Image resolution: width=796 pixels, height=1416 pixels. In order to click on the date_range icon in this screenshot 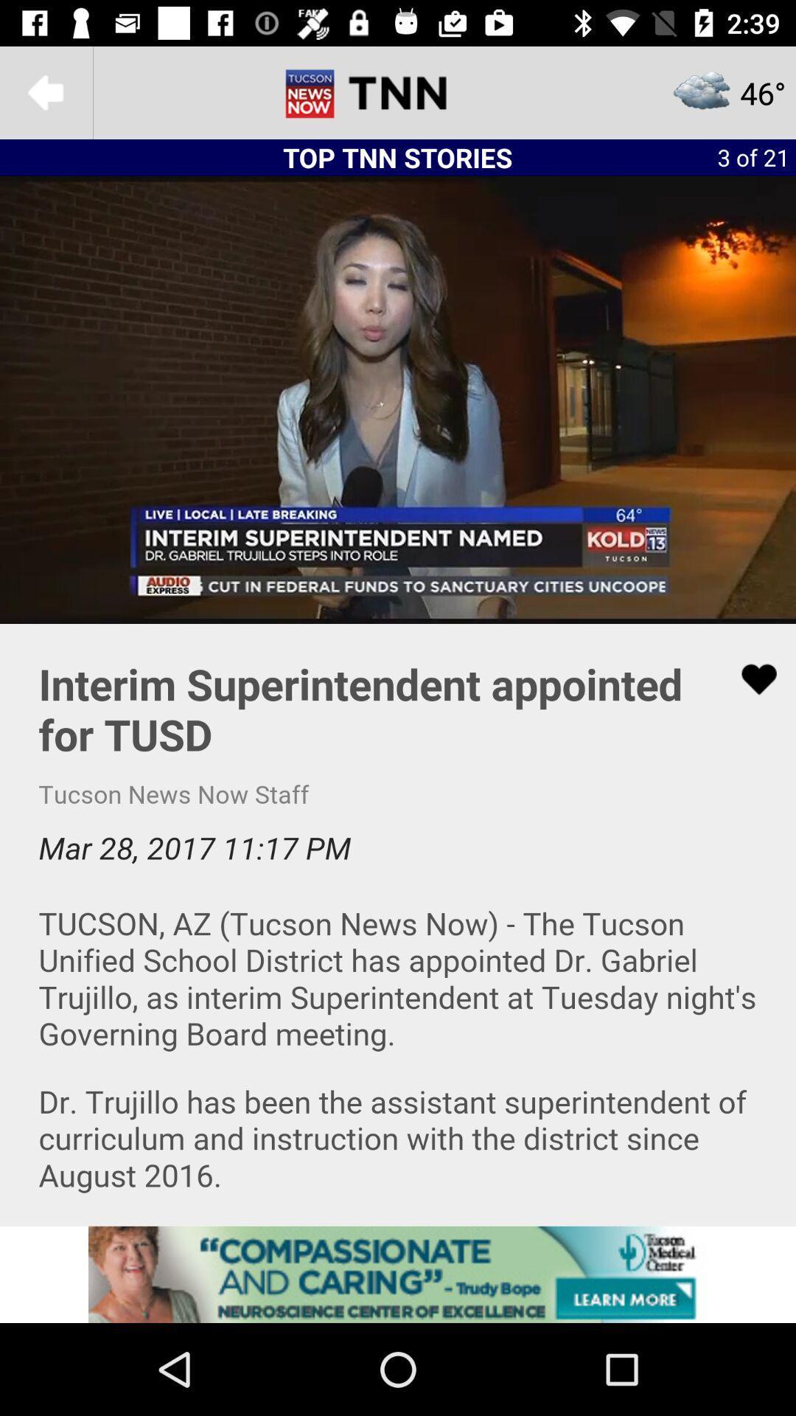, I will do `click(398, 91)`.